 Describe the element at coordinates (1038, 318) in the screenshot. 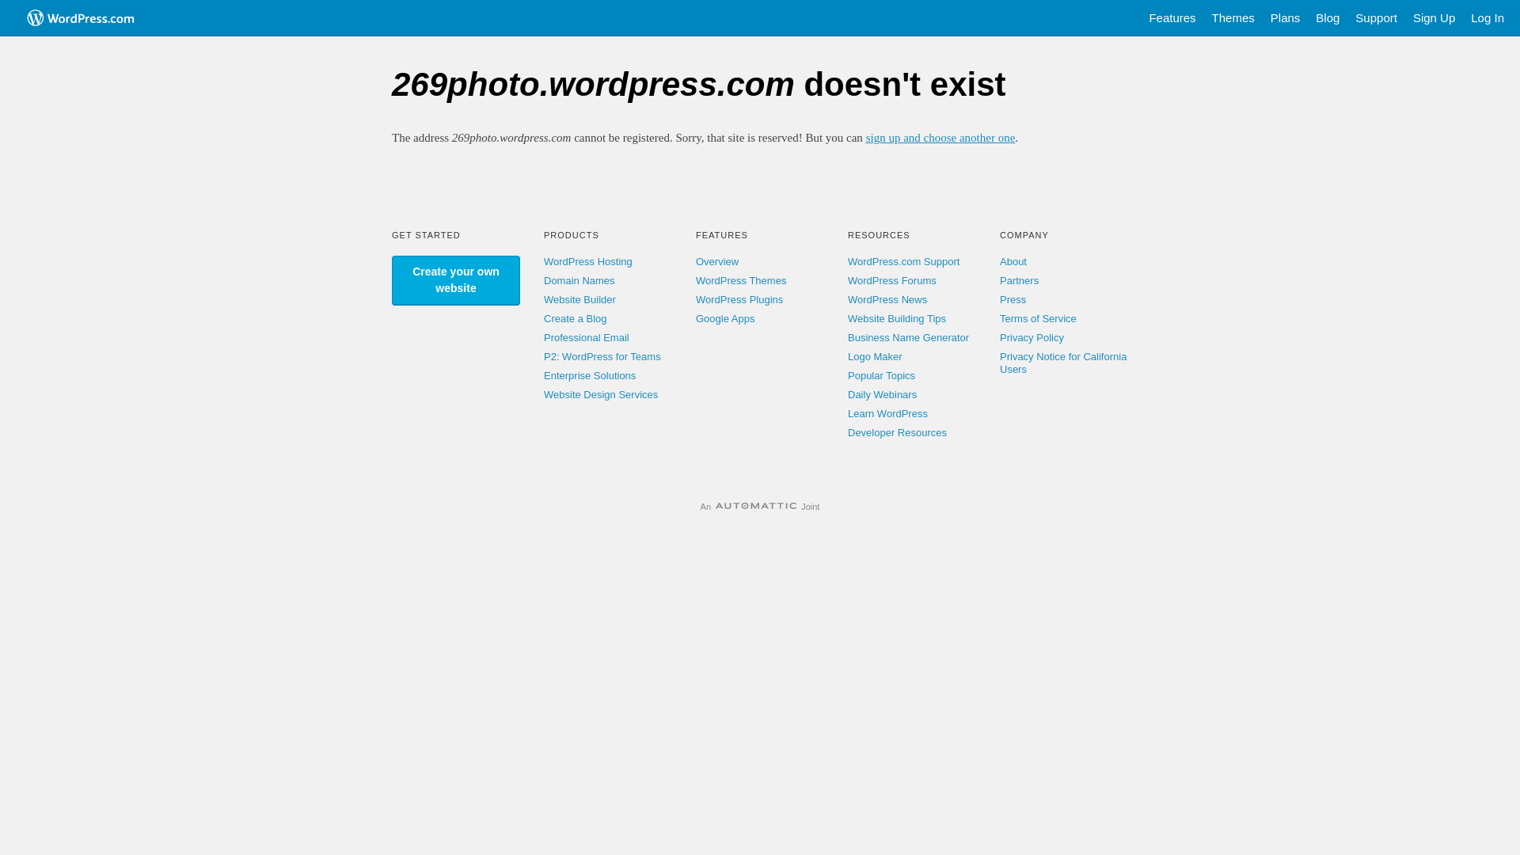

I see `'Terms of Service'` at that location.